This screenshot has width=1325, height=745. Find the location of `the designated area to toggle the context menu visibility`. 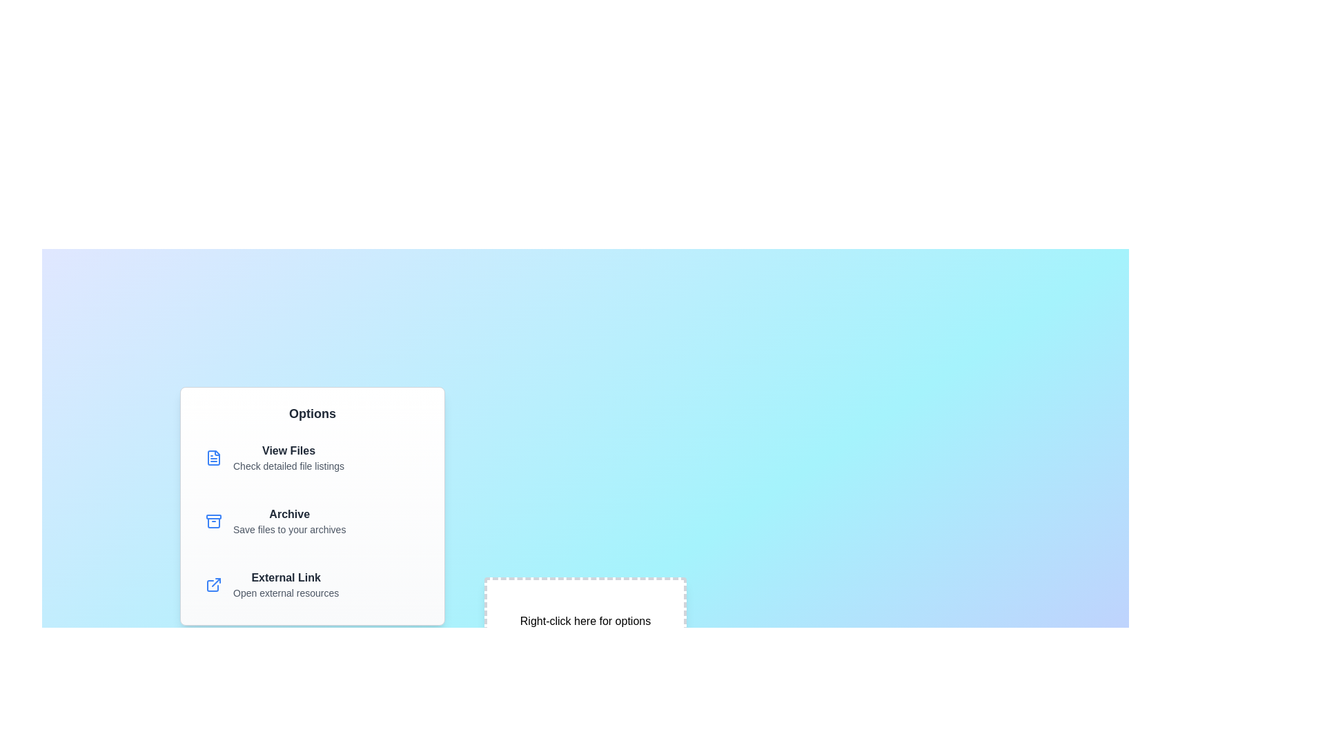

the designated area to toggle the context menu visibility is located at coordinates (585, 622).